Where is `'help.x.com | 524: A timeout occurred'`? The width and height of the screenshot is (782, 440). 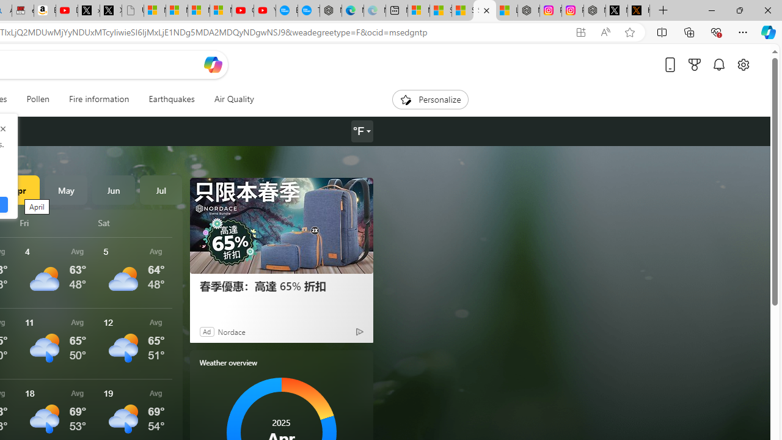
'help.x.com | 524: A timeout occurred' is located at coordinates (638, 10).